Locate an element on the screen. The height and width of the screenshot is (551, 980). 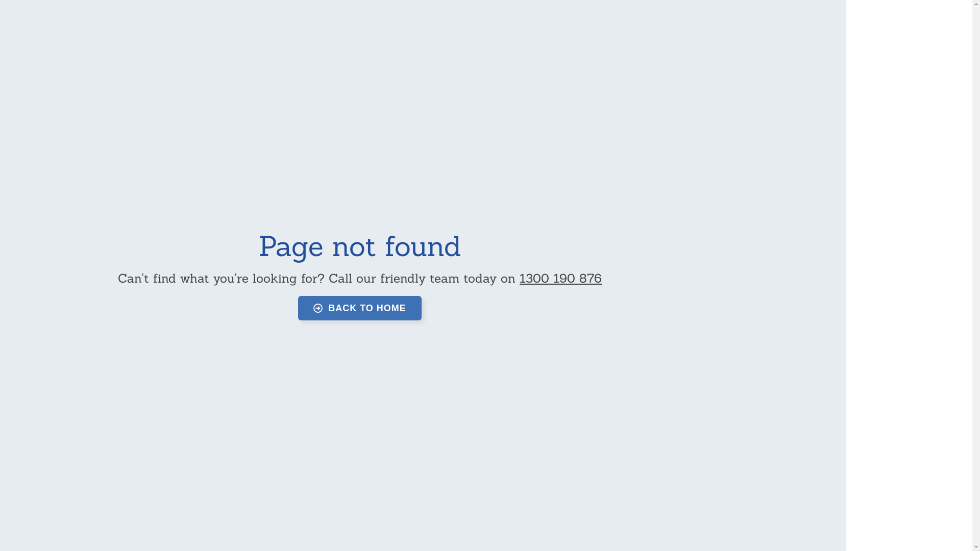
'BACK TO HOME' is located at coordinates (360, 308).